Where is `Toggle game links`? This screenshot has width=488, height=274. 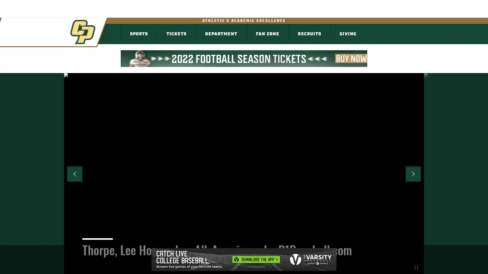
Toggle game links is located at coordinates (65, 13).